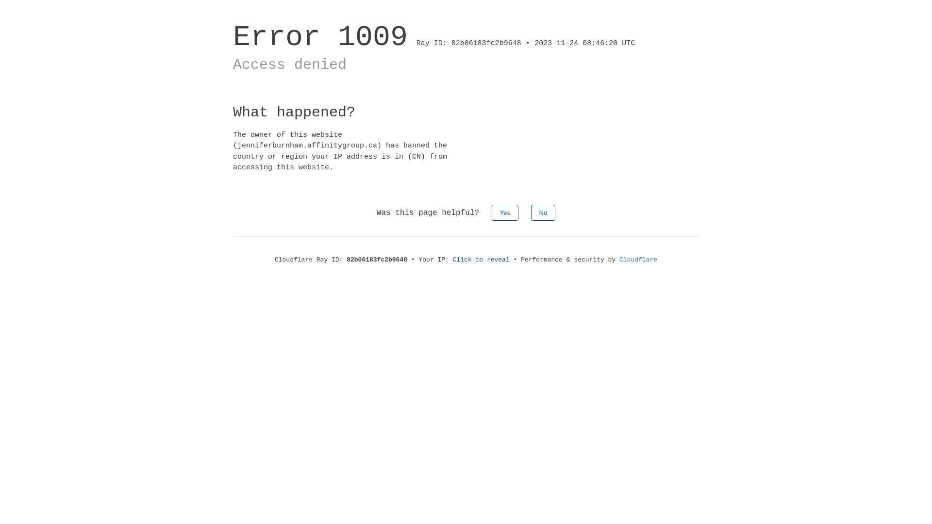 This screenshot has height=524, width=932. I want to click on 'No', so click(543, 212).